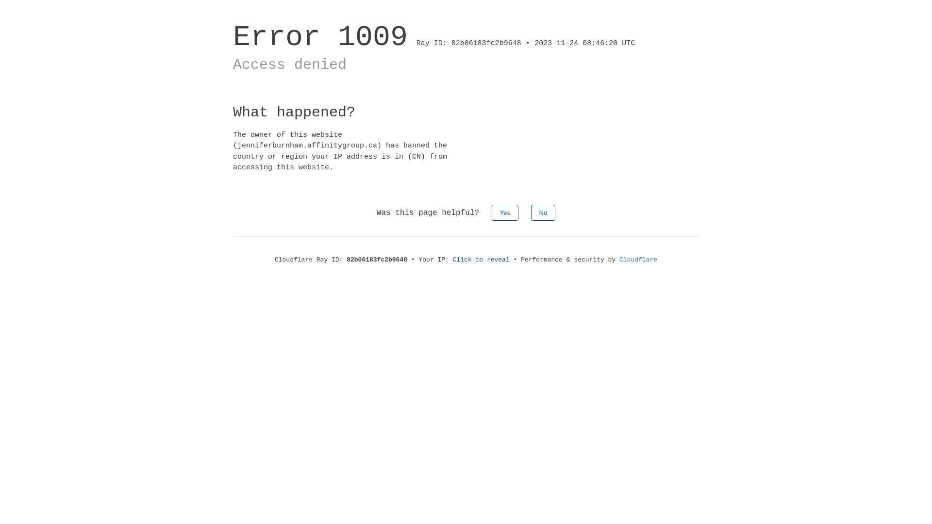 This screenshot has height=524, width=932. I want to click on 'No', so click(543, 212).